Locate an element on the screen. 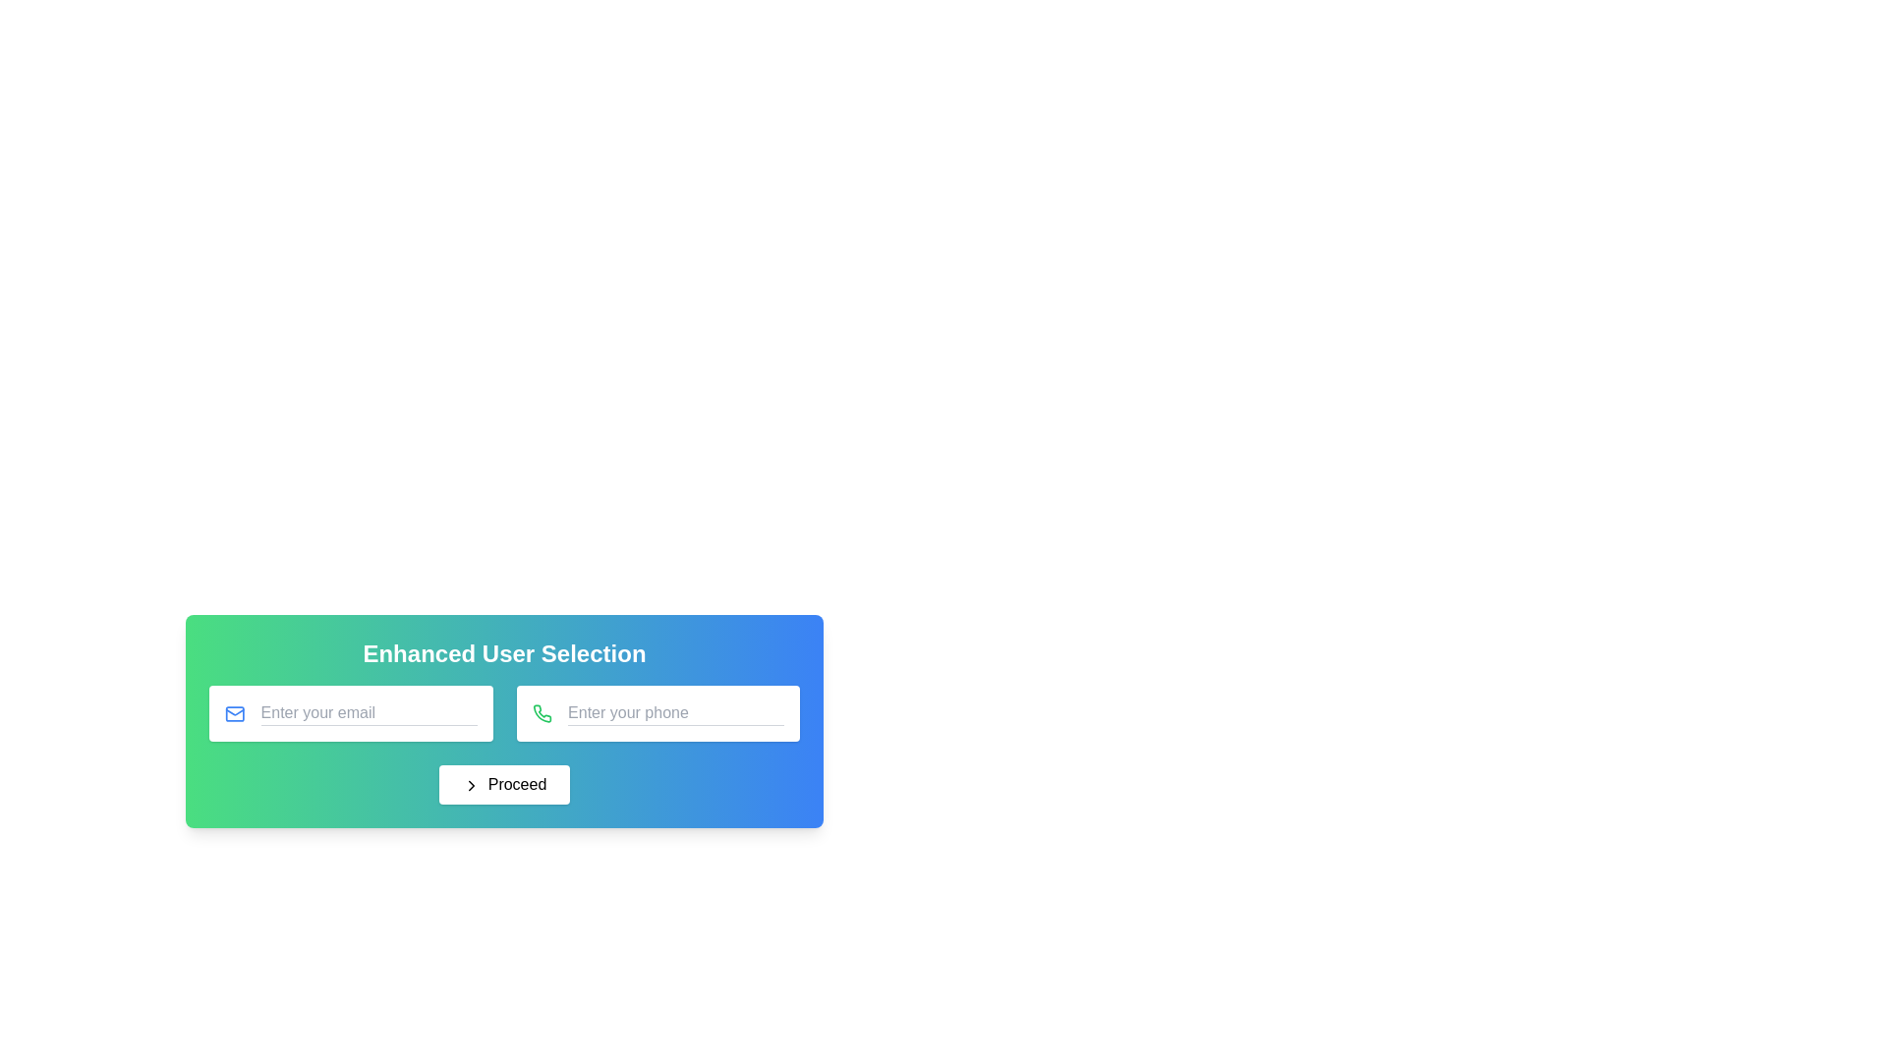 Image resolution: width=1887 pixels, height=1061 pixels. the arrow icon located within the 'Proceed' button is located at coordinates (470, 784).